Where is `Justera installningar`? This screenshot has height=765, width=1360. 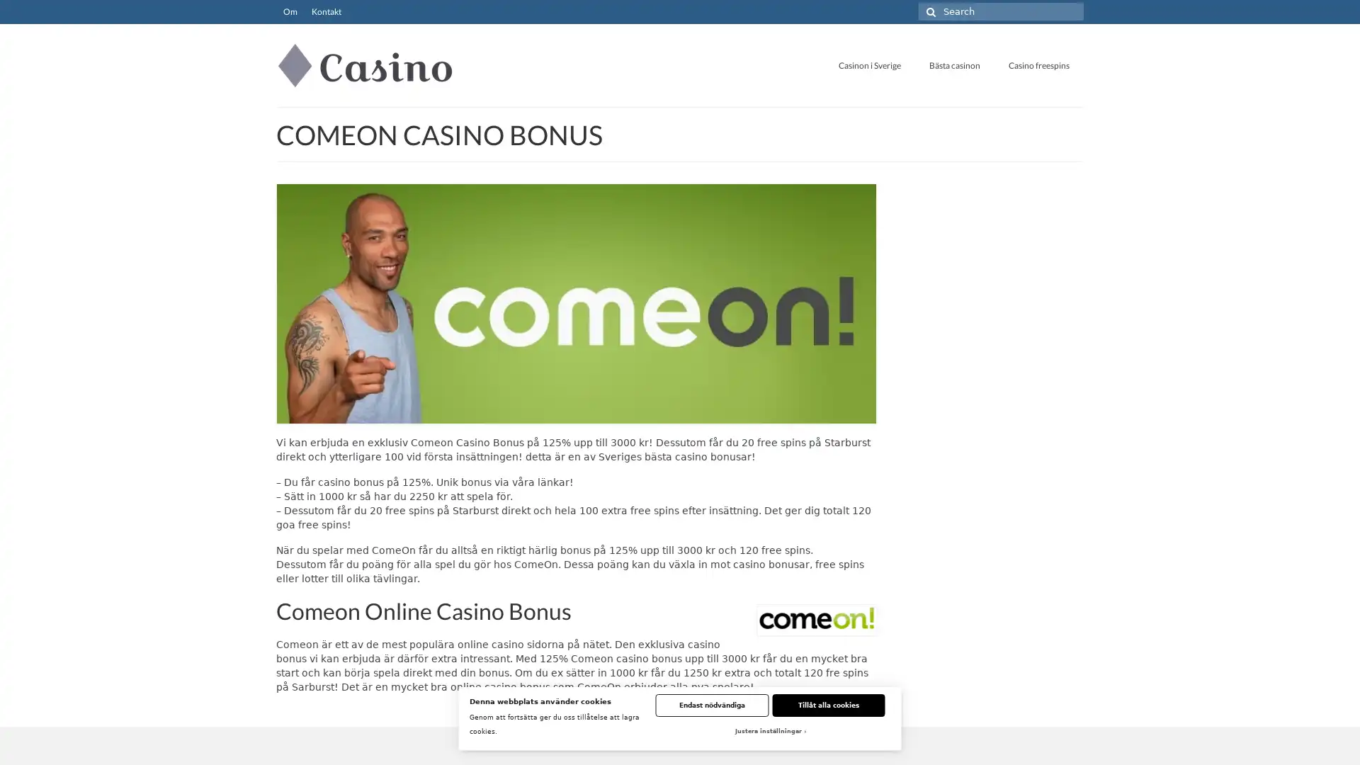 Justera installningar is located at coordinates (769, 732).